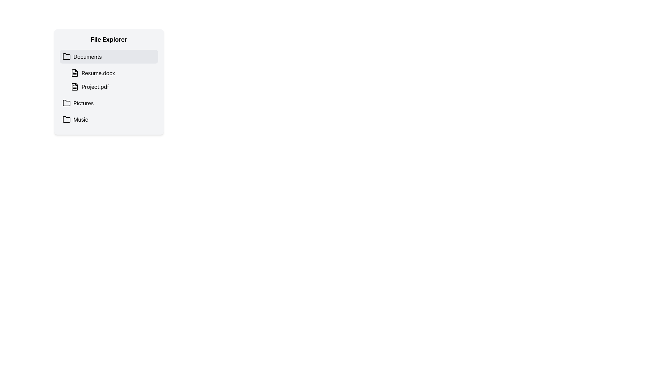 The width and height of the screenshot is (656, 369). I want to click on the 'Documents' folder icon, which is the first item in the vertical list of the 'File Explorer' module, located to the left of the text 'Documents', so click(67, 56).